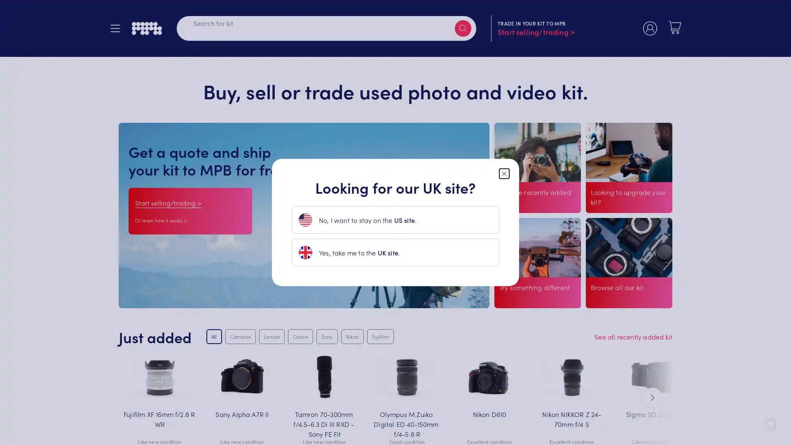  What do you see at coordinates (168, 202) in the screenshot?
I see `Start selling/trading >` at bounding box center [168, 202].